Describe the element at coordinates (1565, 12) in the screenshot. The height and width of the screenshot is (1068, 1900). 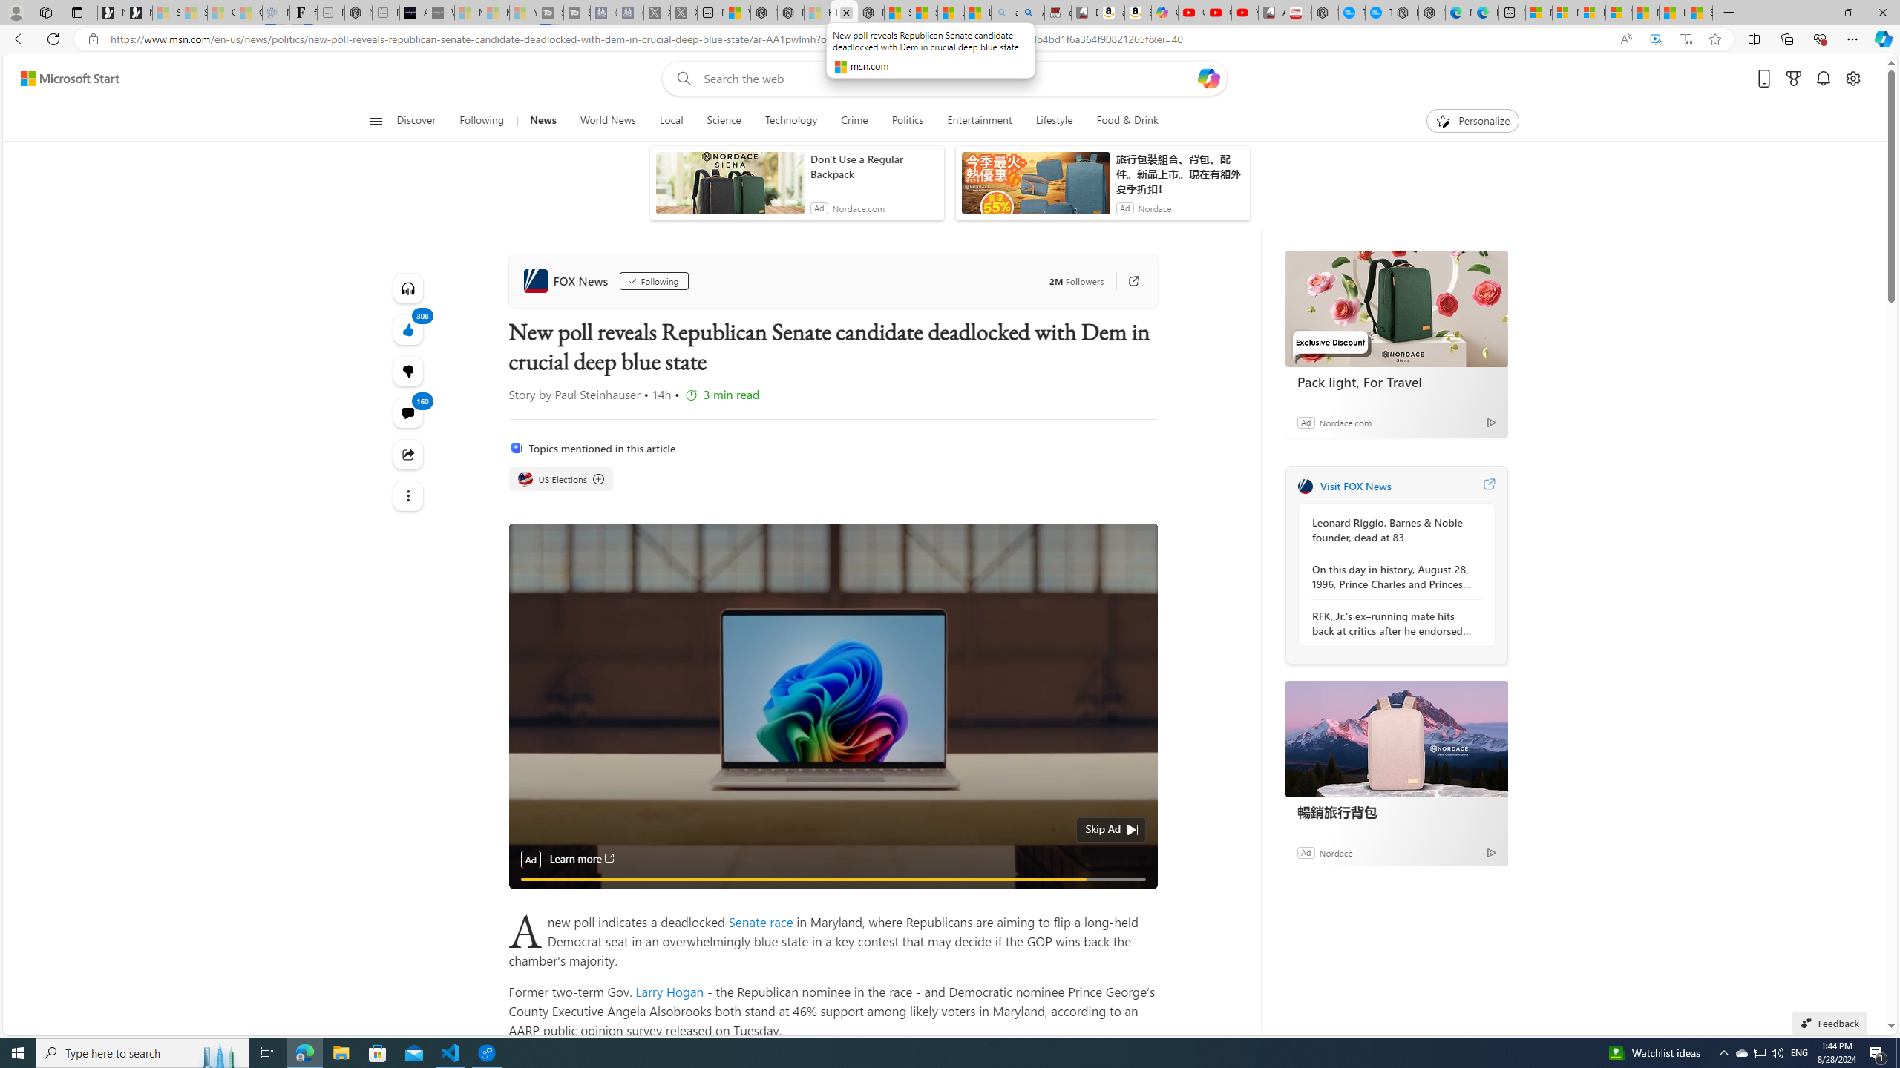
I see `'Microsoft account | Microsoft Account Privacy Settings'` at that location.